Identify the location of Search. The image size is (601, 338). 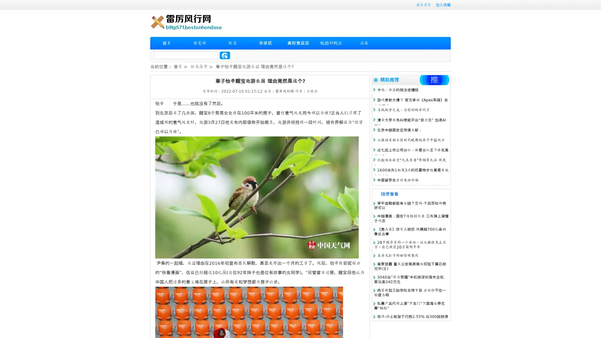
(225, 55).